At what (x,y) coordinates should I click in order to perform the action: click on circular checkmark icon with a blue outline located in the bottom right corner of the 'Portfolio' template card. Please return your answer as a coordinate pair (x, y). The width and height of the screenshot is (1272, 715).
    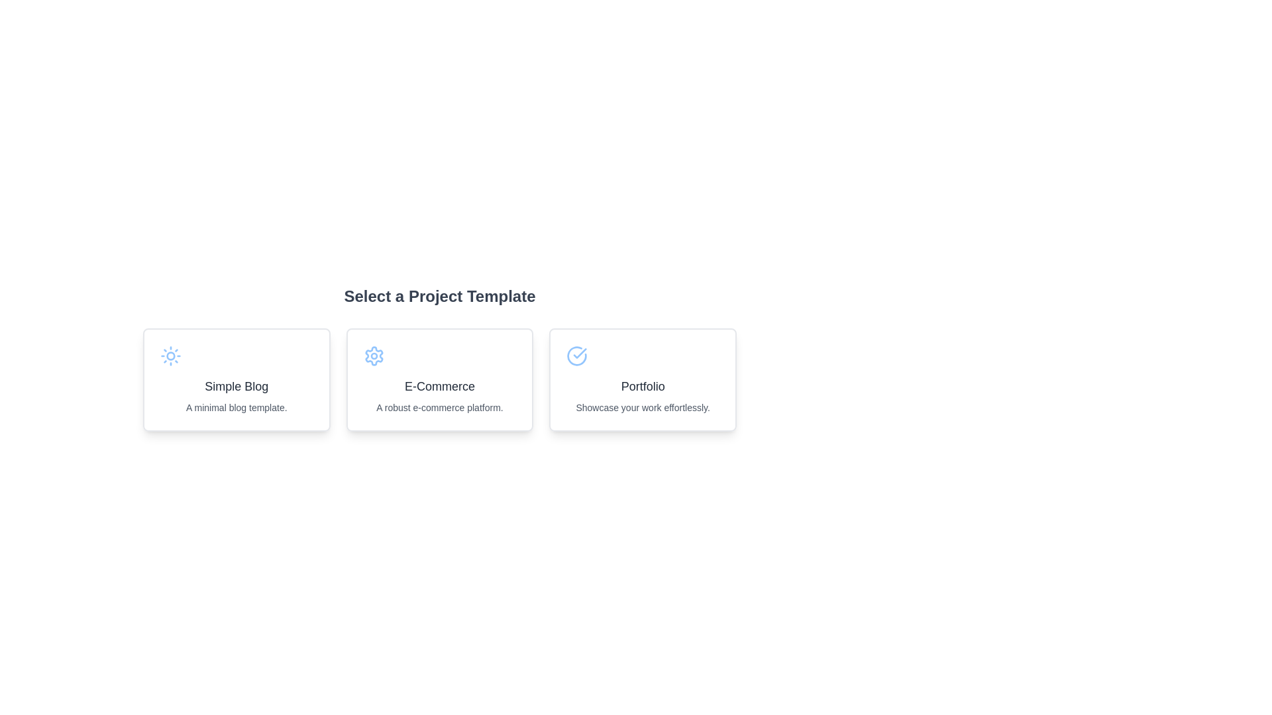
    Looking at the image, I should click on (577, 355).